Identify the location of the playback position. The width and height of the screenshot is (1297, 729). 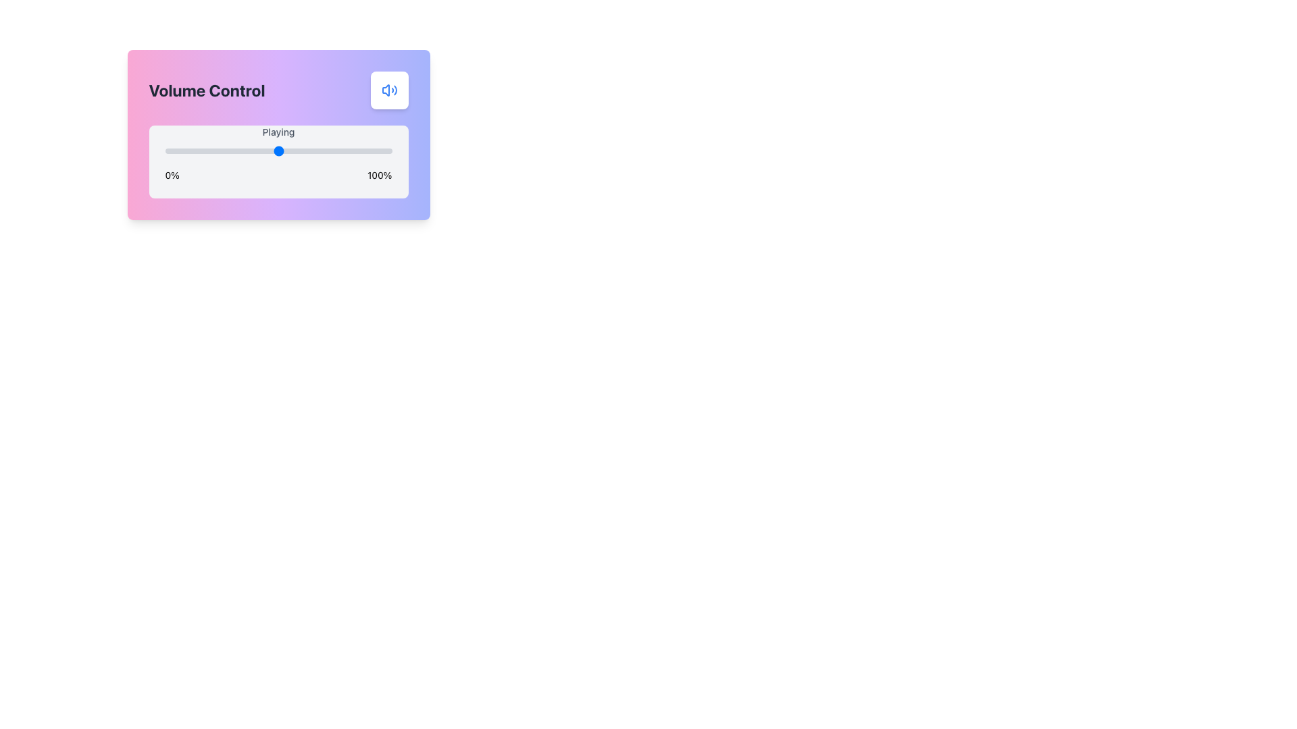
(269, 151).